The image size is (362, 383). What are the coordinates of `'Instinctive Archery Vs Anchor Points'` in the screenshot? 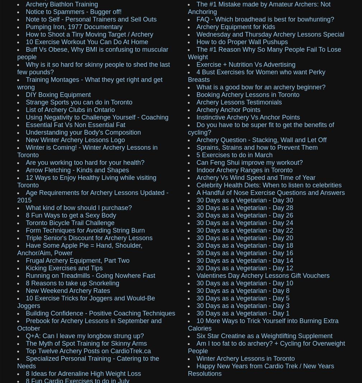 It's located at (248, 117).